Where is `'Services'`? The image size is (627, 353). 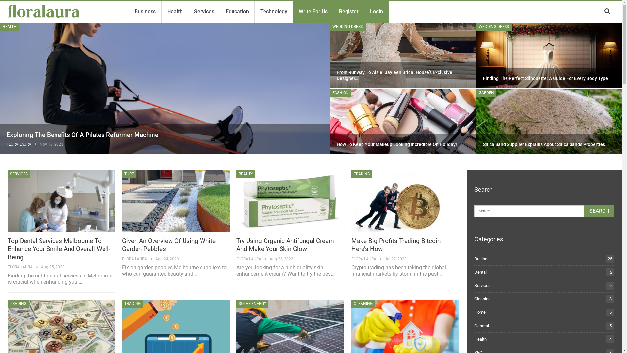 'Services' is located at coordinates (203, 11).